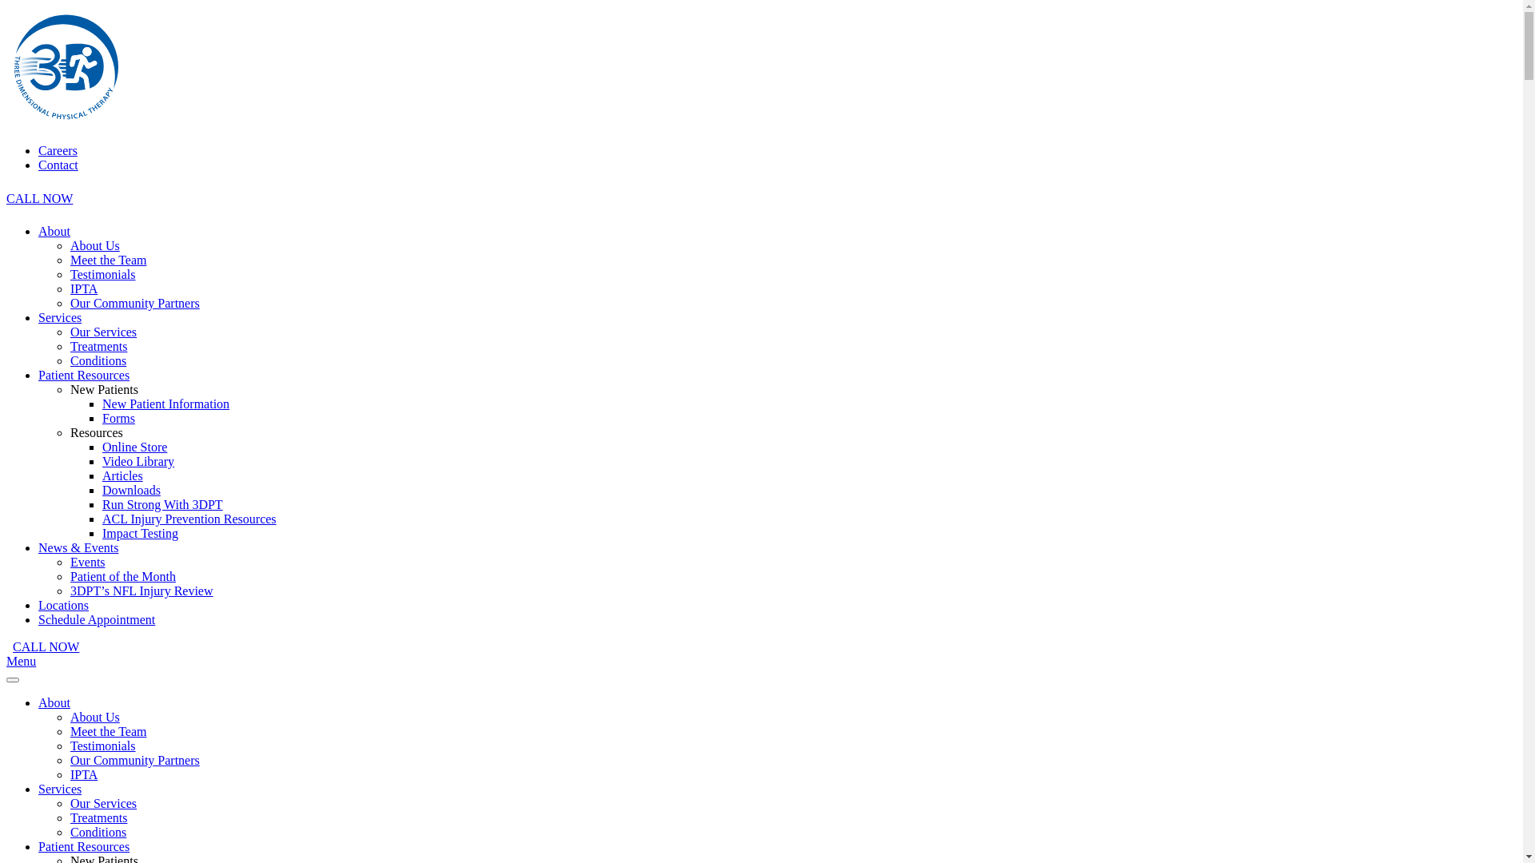 Image resolution: width=1535 pixels, height=863 pixels. I want to click on 'Downloads', so click(131, 489).